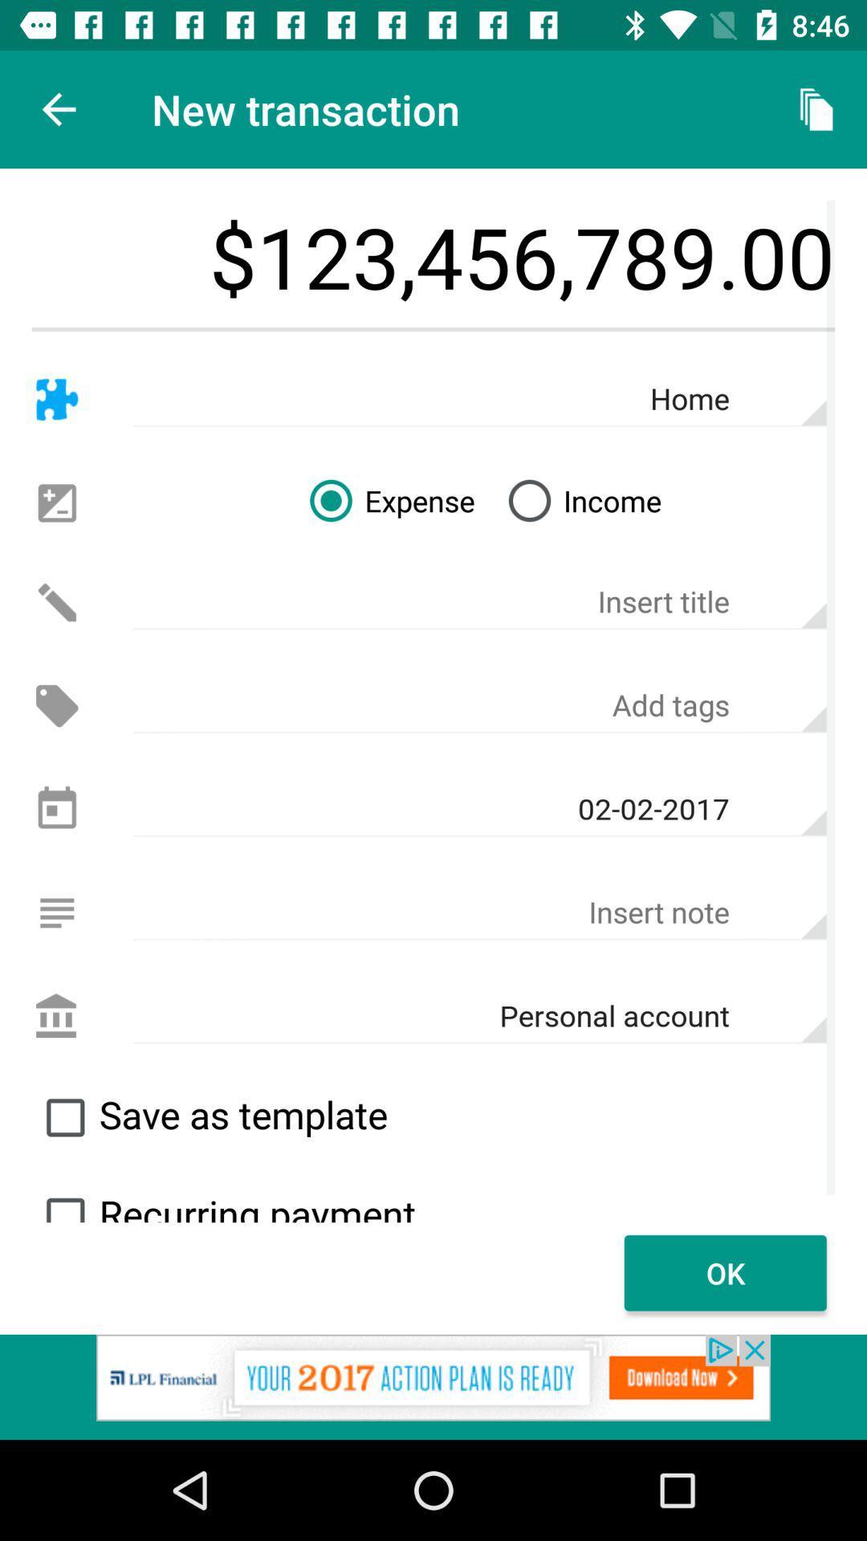  I want to click on the menu icon, so click(56, 913).